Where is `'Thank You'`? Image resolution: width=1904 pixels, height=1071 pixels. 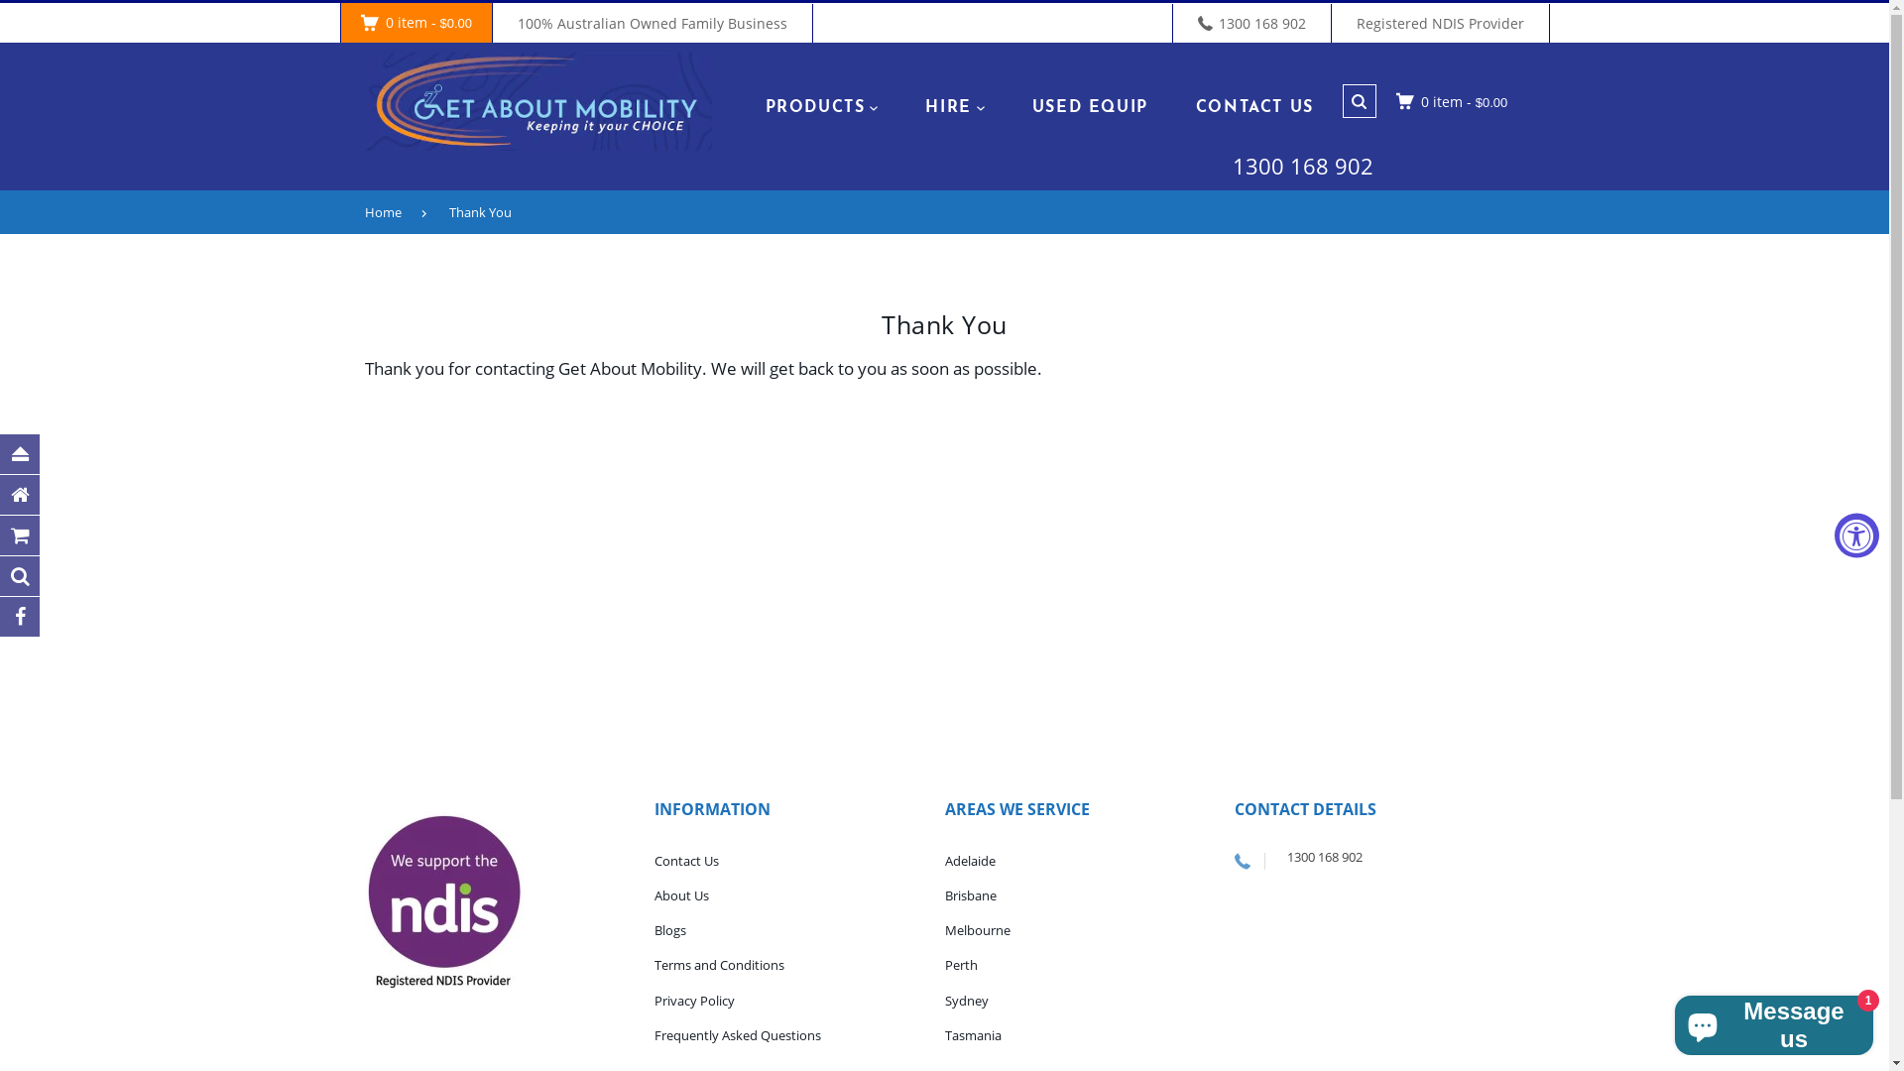 'Thank You' is located at coordinates (489, 211).